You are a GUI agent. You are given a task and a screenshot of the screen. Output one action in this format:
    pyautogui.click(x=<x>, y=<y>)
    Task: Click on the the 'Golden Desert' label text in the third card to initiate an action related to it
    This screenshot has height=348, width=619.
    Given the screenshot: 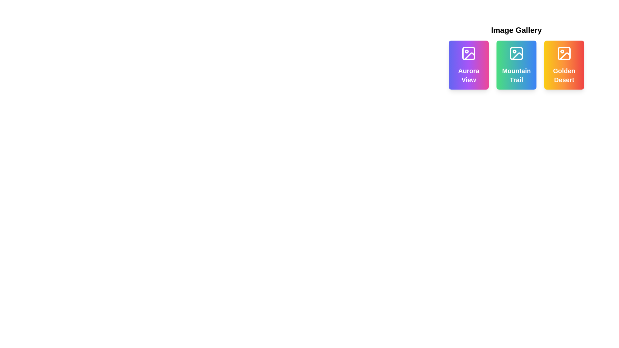 What is the action you would take?
    pyautogui.click(x=564, y=75)
    